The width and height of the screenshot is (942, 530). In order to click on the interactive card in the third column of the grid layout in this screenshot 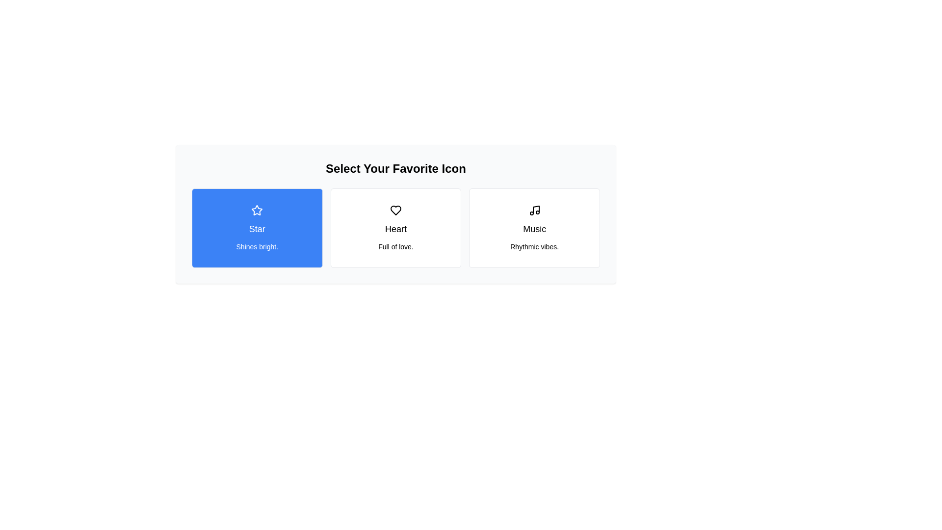, I will do `click(534, 228)`.